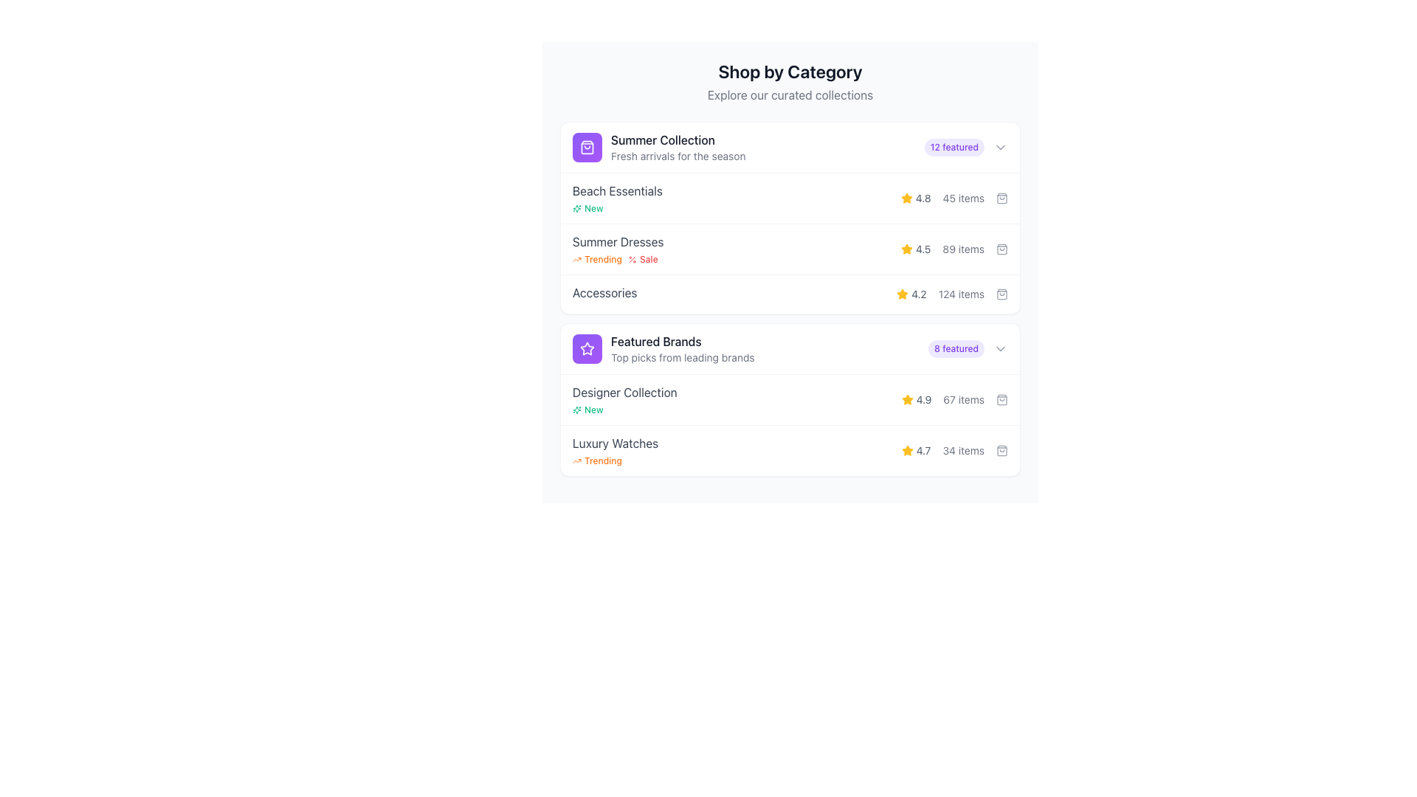  I want to click on the static text element displaying 'Top picks from leading brands', which is styled in a small, gray font and located beneath the title 'Featured Brands', so click(682, 358).